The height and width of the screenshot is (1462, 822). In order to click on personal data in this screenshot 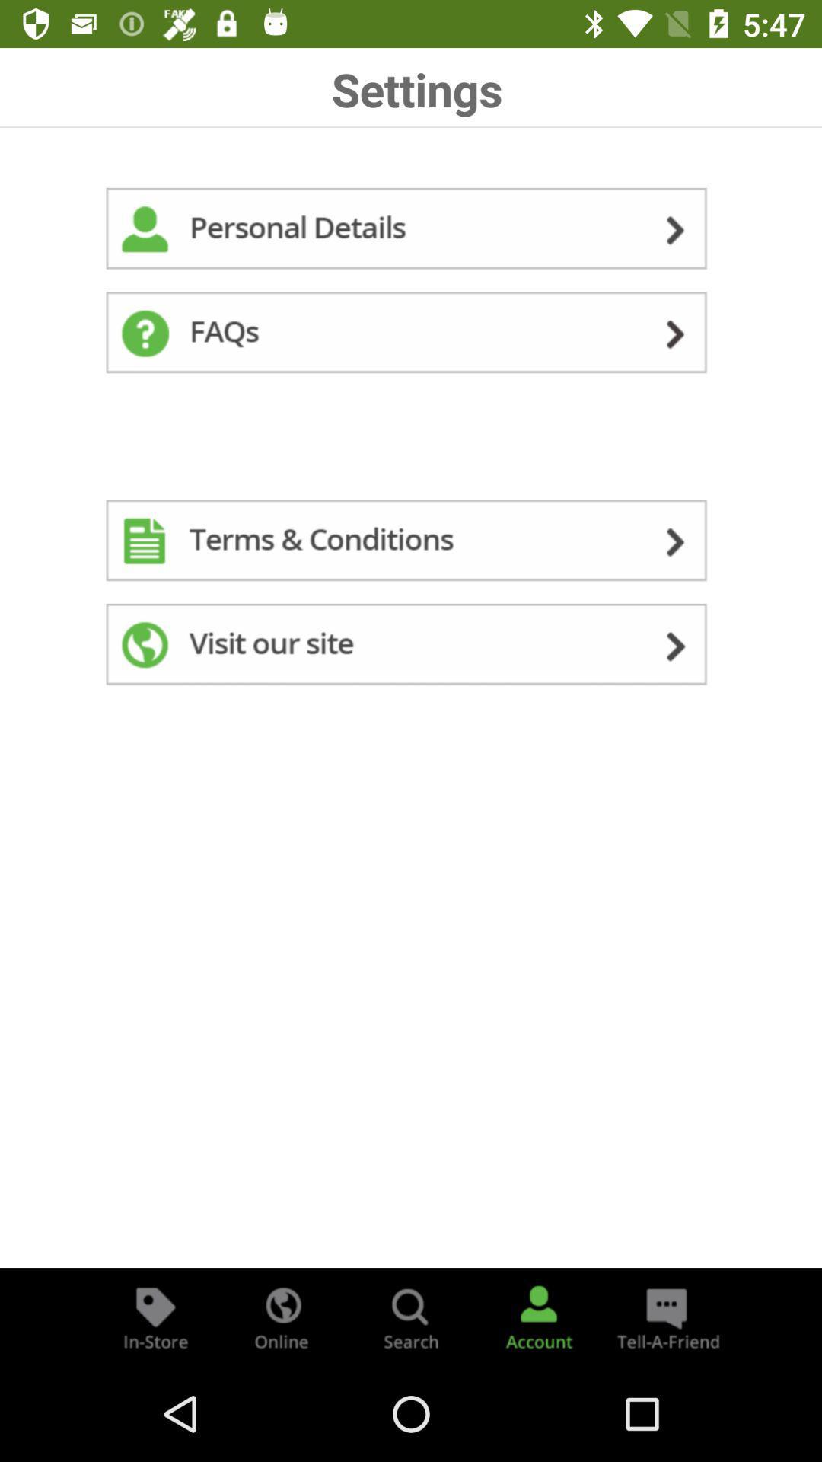, I will do `click(411, 231)`.